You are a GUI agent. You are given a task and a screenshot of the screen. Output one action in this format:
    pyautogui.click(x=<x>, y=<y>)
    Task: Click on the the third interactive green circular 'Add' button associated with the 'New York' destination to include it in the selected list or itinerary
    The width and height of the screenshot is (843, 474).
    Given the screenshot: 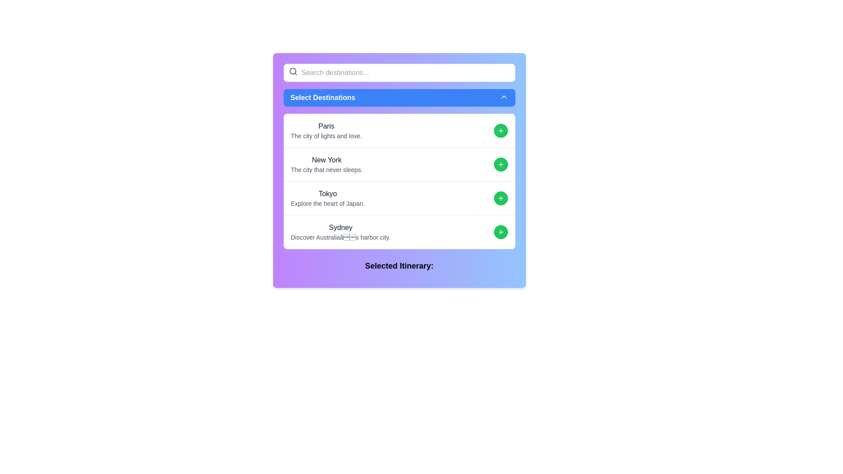 What is the action you would take?
    pyautogui.click(x=501, y=164)
    